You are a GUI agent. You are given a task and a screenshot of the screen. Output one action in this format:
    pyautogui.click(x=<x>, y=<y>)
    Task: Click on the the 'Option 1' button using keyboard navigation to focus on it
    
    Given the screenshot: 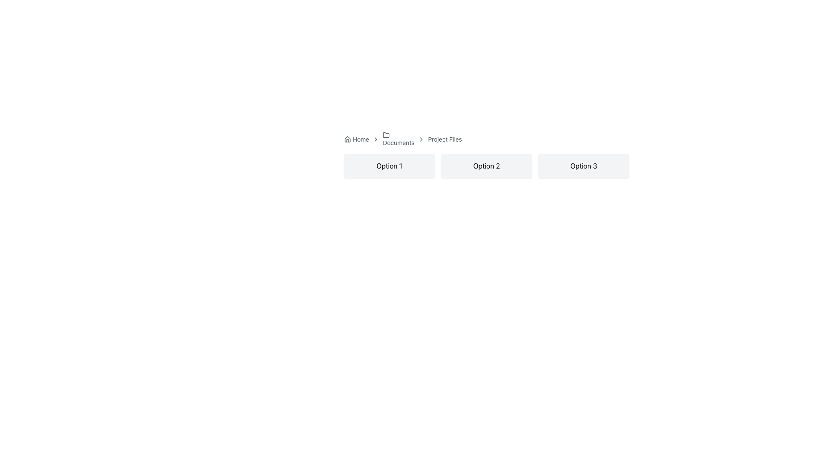 What is the action you would take?
    pyautogui.click(x=389, y=166)
    